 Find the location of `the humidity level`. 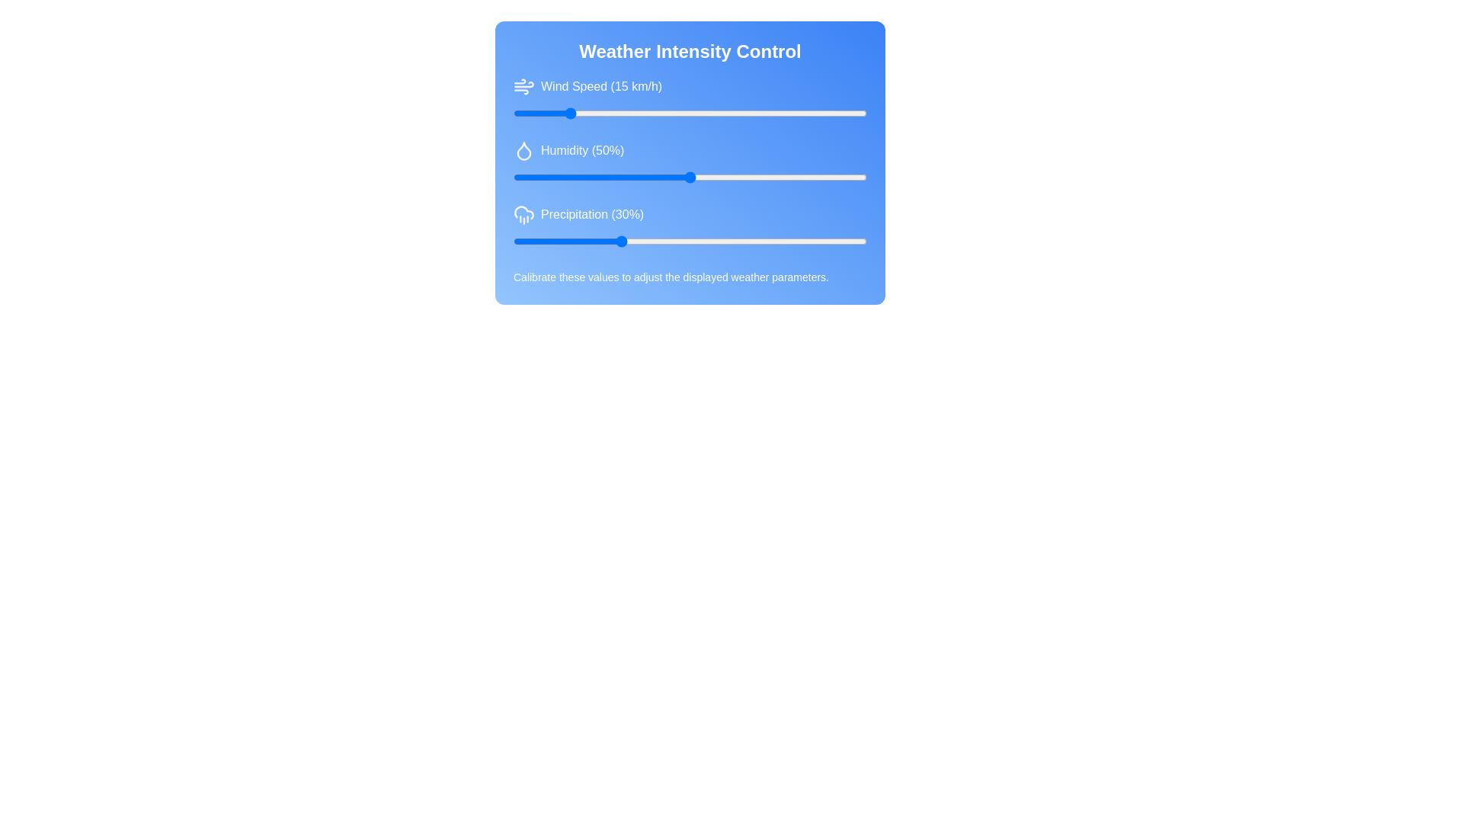

the humidity level is located at coordinates (690, 176).